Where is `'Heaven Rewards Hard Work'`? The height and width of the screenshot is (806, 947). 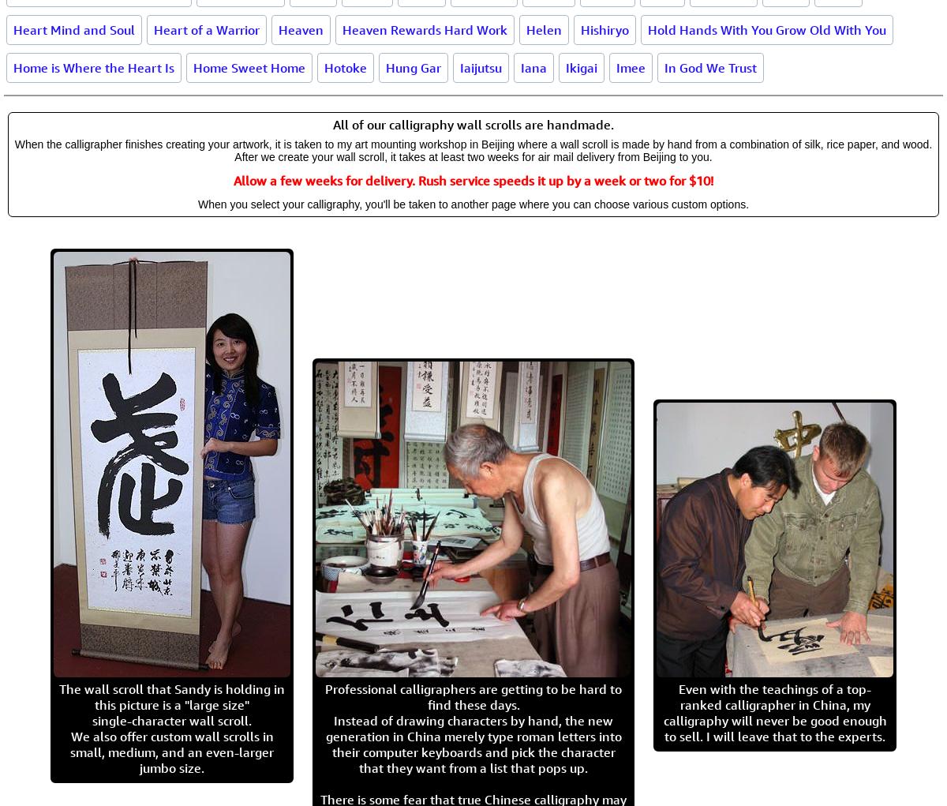 'Heaven Rewards Hard Work' is located at coordinates (424, 28).